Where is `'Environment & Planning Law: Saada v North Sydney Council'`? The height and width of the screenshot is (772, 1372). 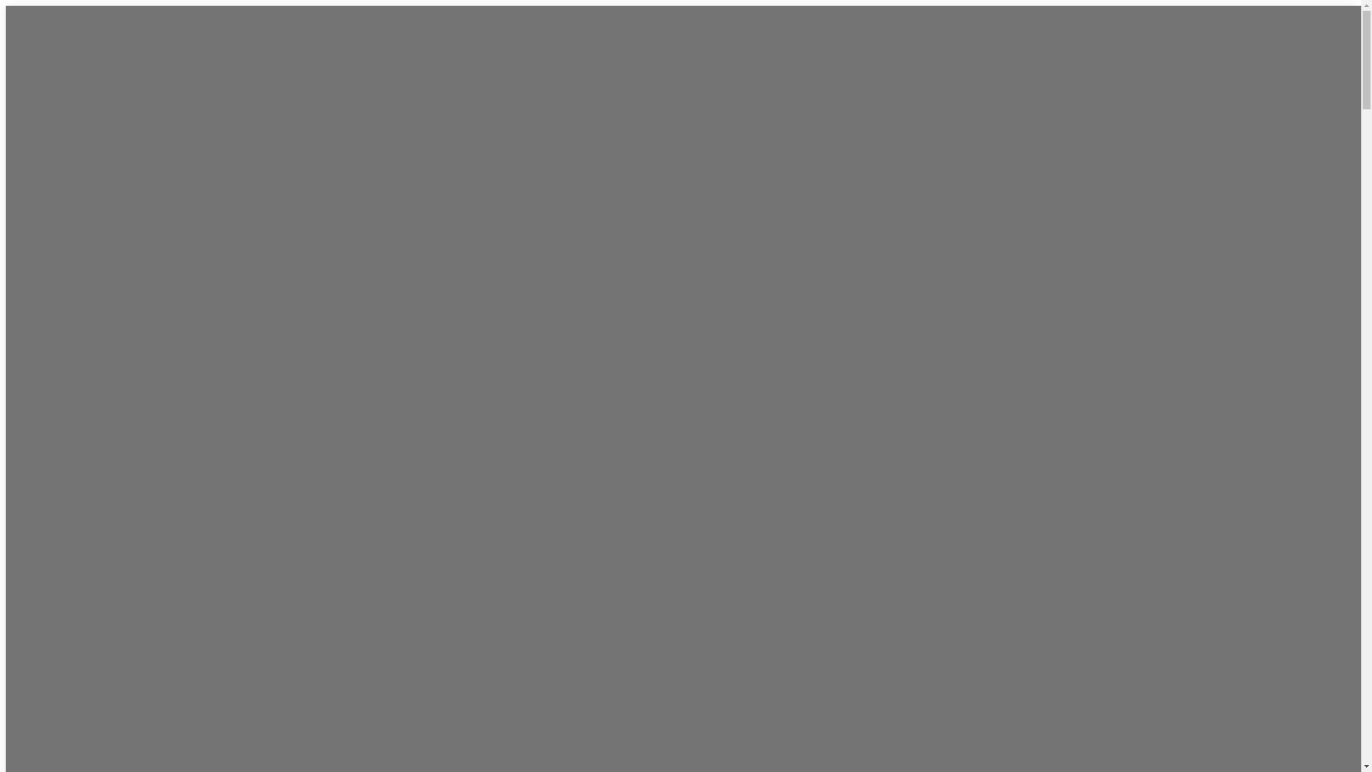 'Environment & Planning Law: Saada v North Sydney Council' is located at coordinates (593, 668).